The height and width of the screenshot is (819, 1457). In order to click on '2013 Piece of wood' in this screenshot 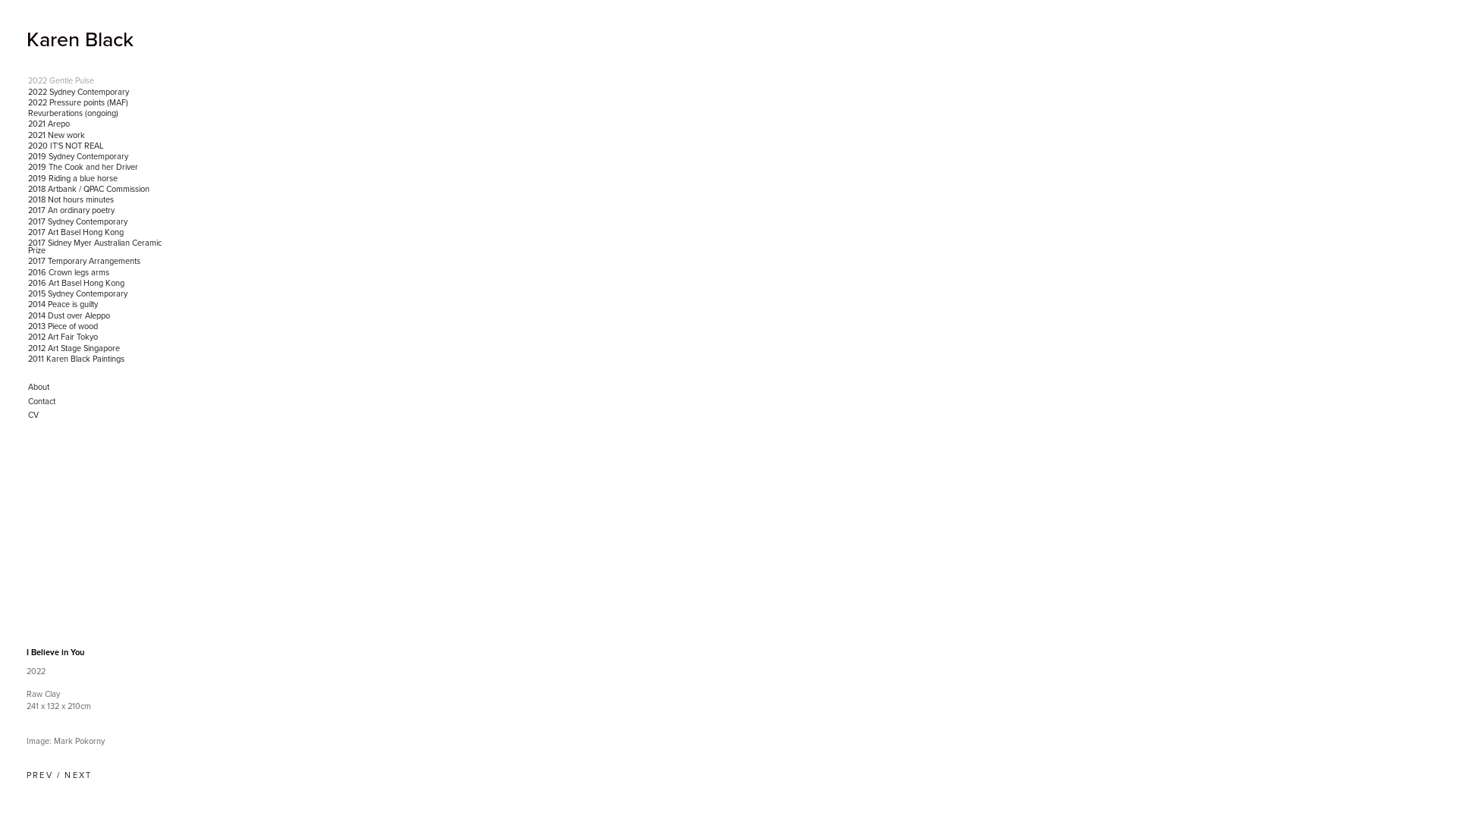, I will do `click(97, 326)`.